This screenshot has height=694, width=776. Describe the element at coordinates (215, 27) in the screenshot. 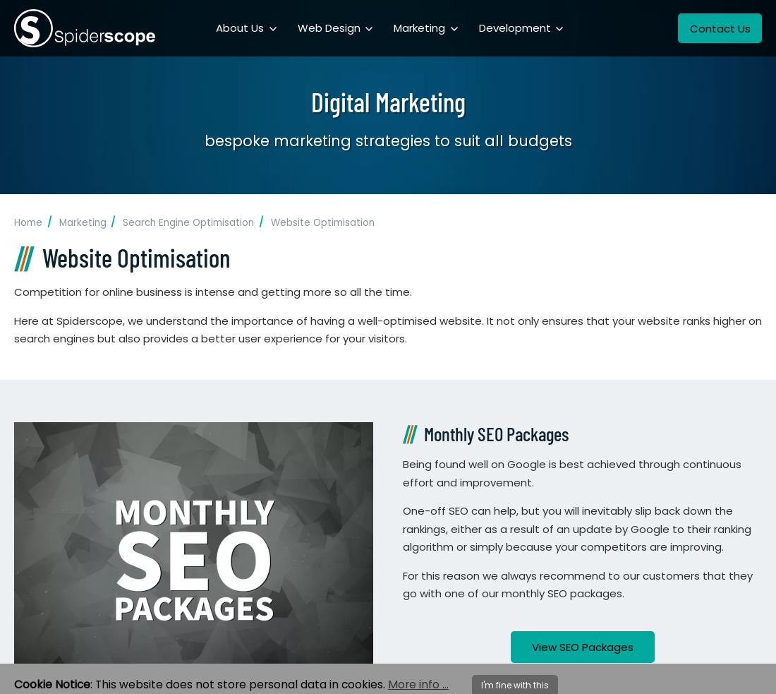

I see `'About Us'` at that location.